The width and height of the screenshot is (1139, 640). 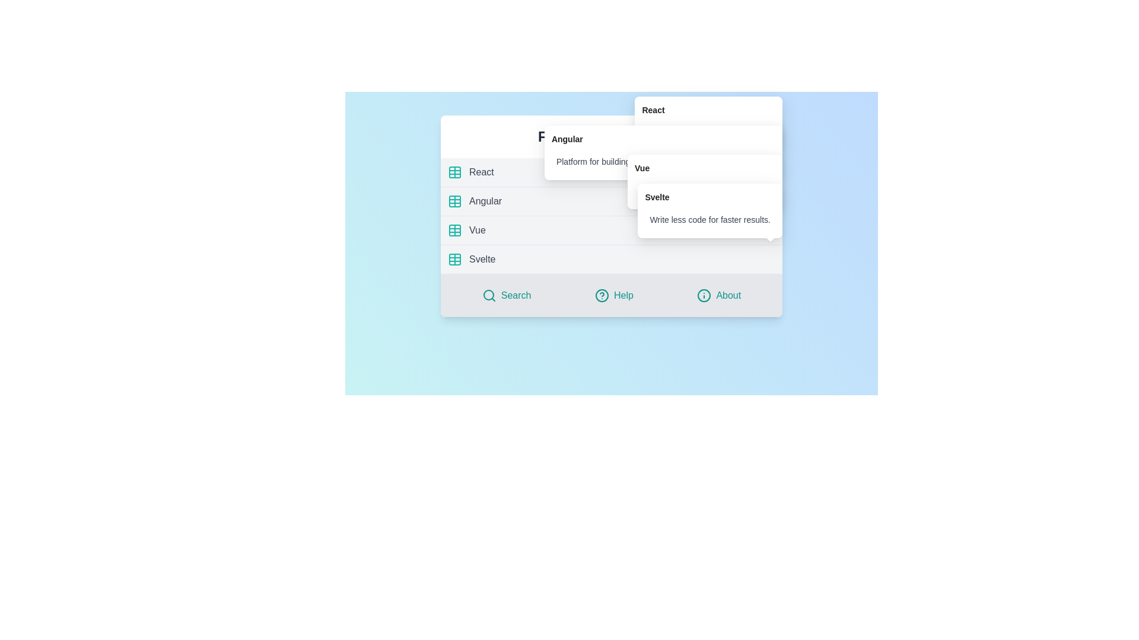 What do you see at coordinates (489, 295) in the screenshot?
I see `the magnifying glass icon, which symbolizes the search function` at bounding box center [489, 295].